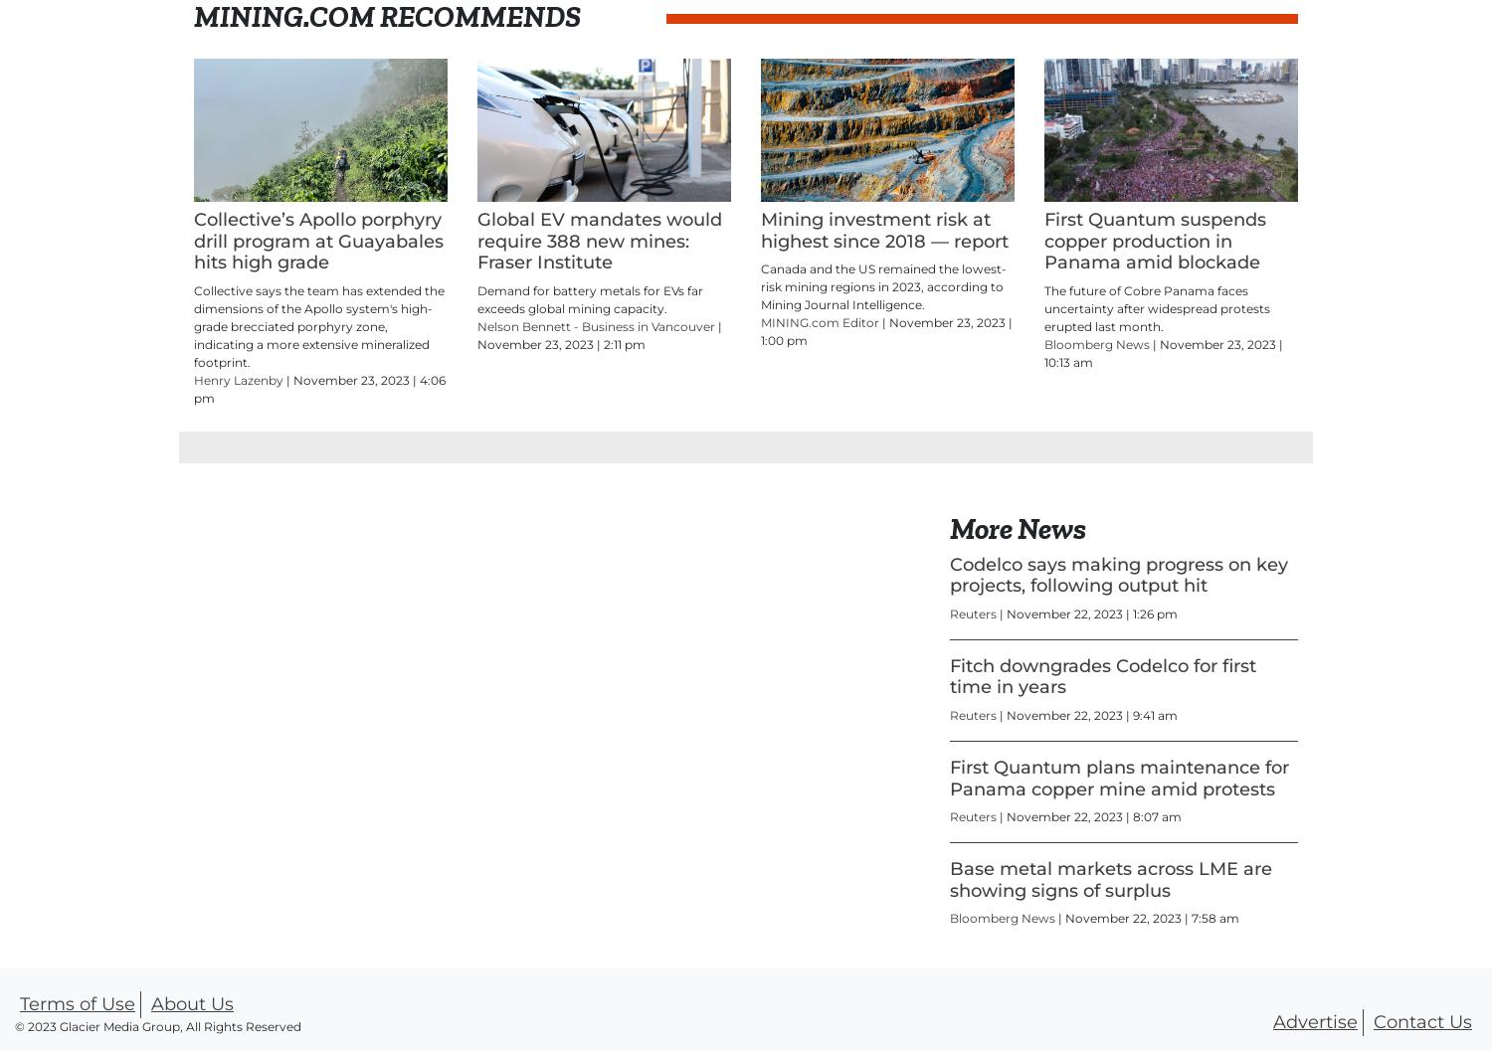  I want to click on 'Fitch downgrades Codelco for first time in years', so click(1101, 675).